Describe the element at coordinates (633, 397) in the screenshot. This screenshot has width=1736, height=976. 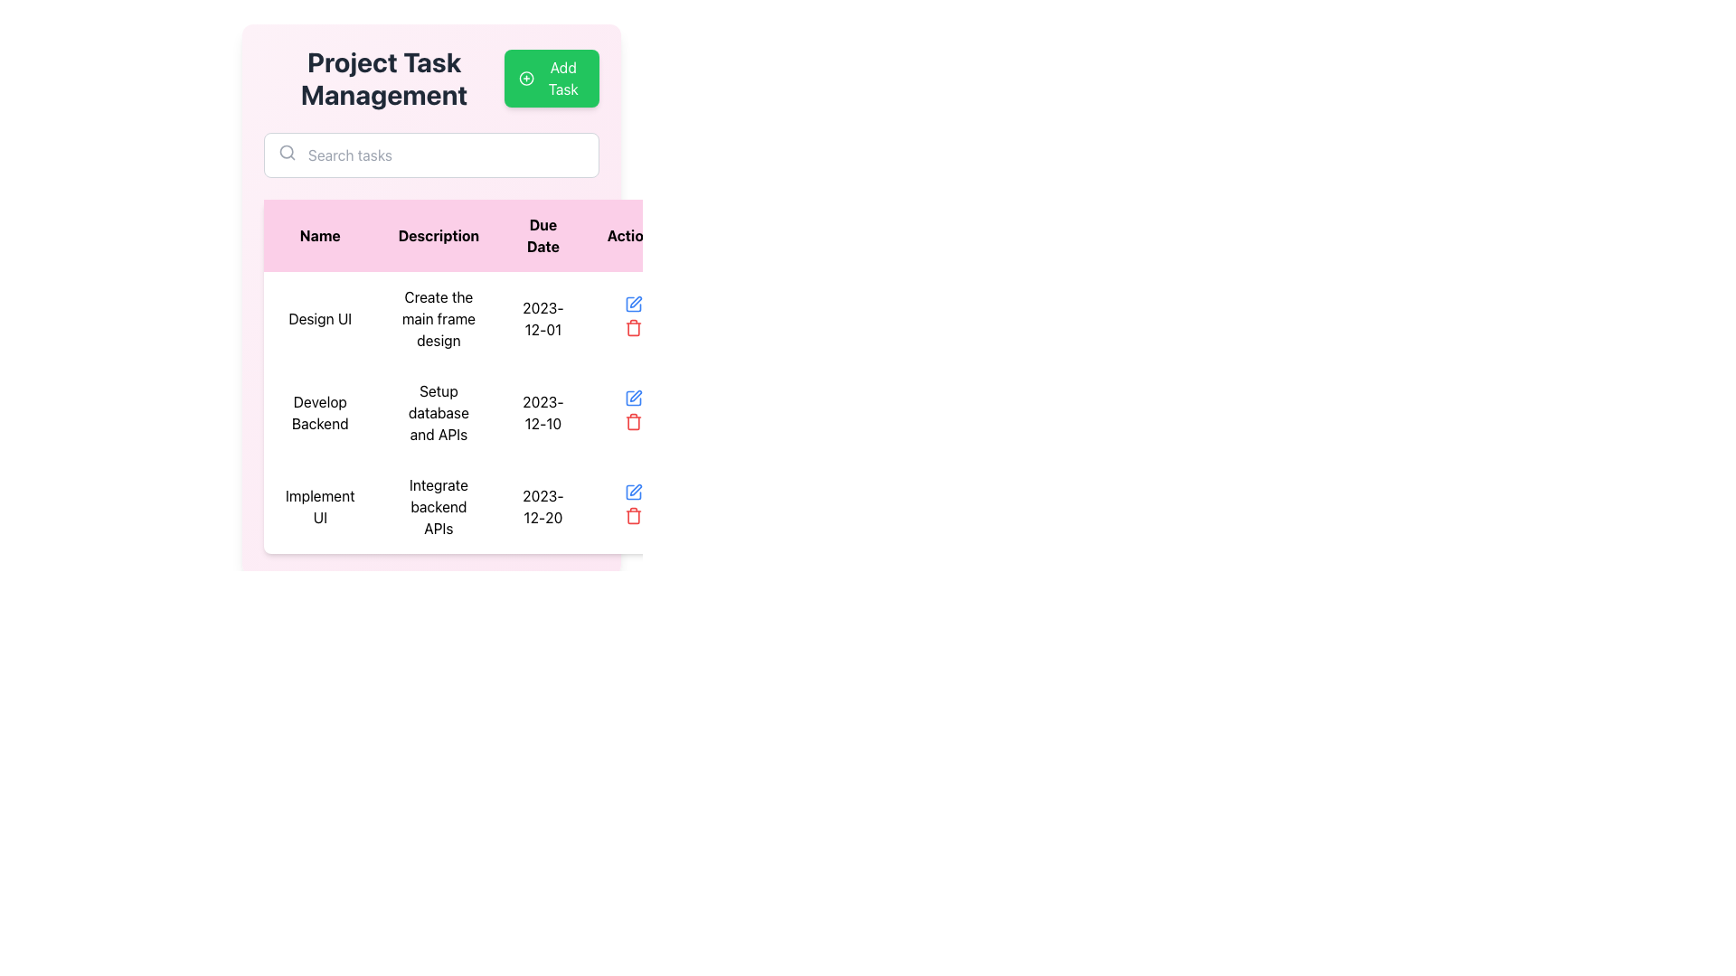
I see `the edit button in the 'Actions' column of the 'Develop Backend' row, which is the leftmost icon in that row` at that location.